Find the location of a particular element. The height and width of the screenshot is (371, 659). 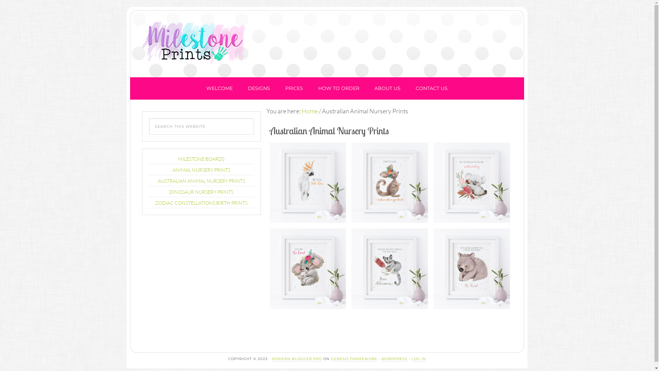

'ANIMAL NURSERY PRINTS' is located at coordinates (172, 170).